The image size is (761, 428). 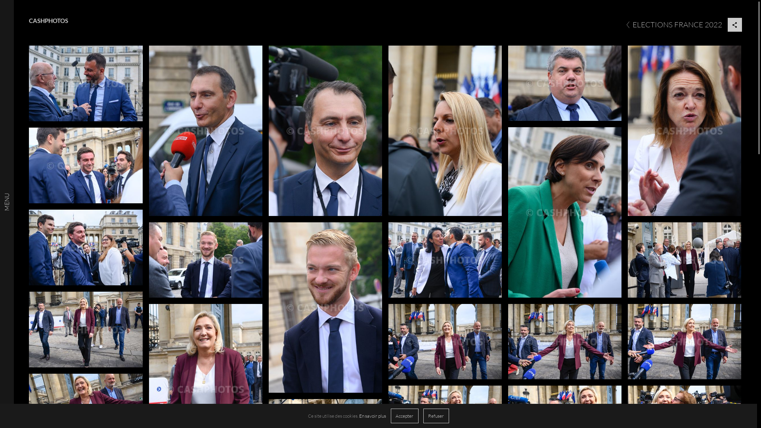 I want to click on 'CASHPHOTOS', so click(x=48, y=20).